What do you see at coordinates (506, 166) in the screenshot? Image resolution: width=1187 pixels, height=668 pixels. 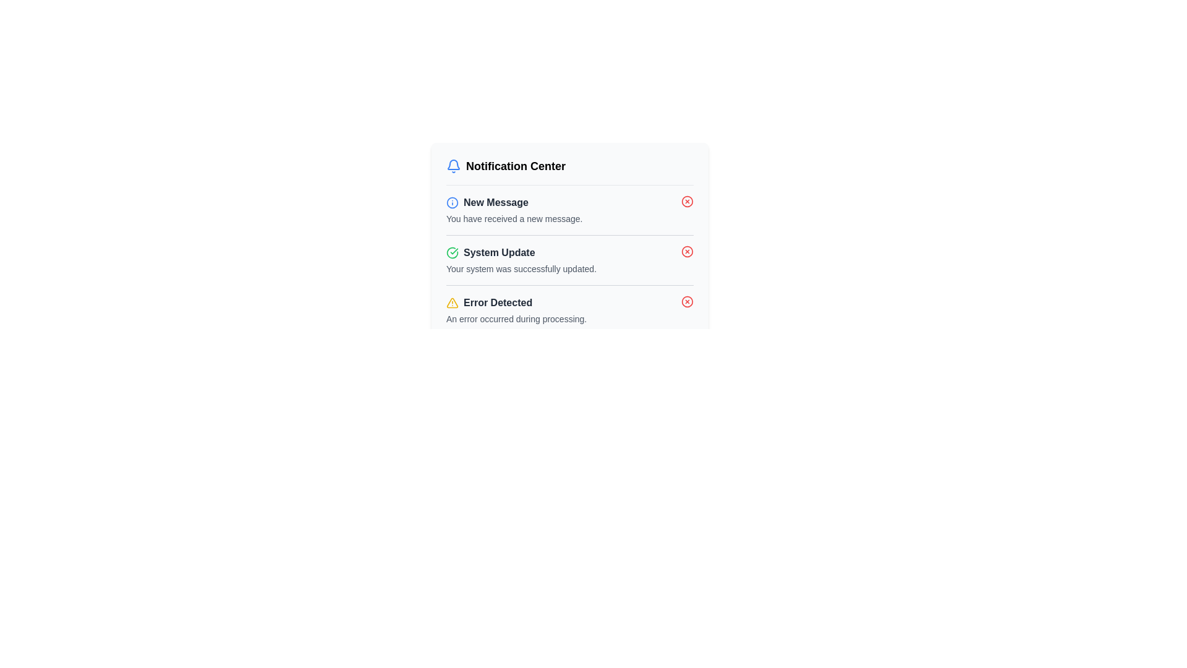 I see `the Text label that serves as the title of the notification panel for accessibility purposes` at bounding box center [506, 166].